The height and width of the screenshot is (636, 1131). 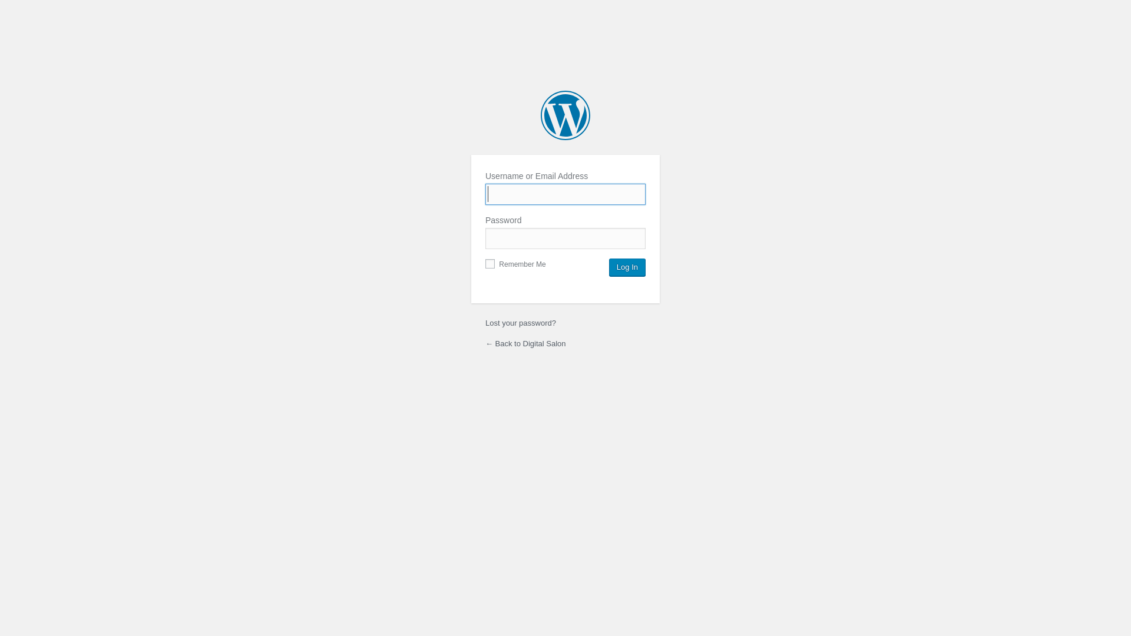 What do you see at coordinates (520, 323) in the screenshot?
I see `'Lost your password?'` at bounding box center [520, 323].